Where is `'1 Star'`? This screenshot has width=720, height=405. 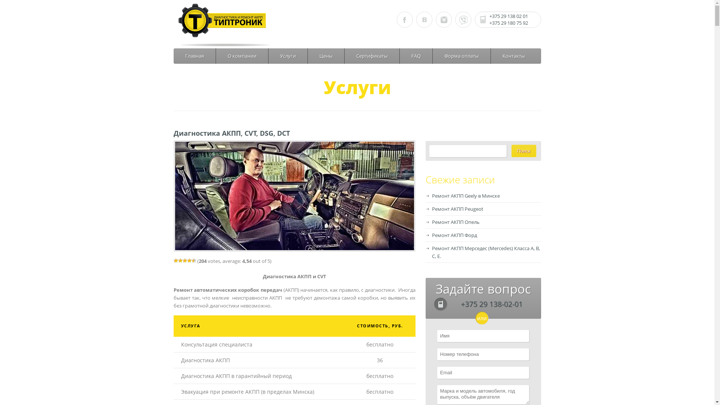 '1 Star' is located at coordinates (172, 260).